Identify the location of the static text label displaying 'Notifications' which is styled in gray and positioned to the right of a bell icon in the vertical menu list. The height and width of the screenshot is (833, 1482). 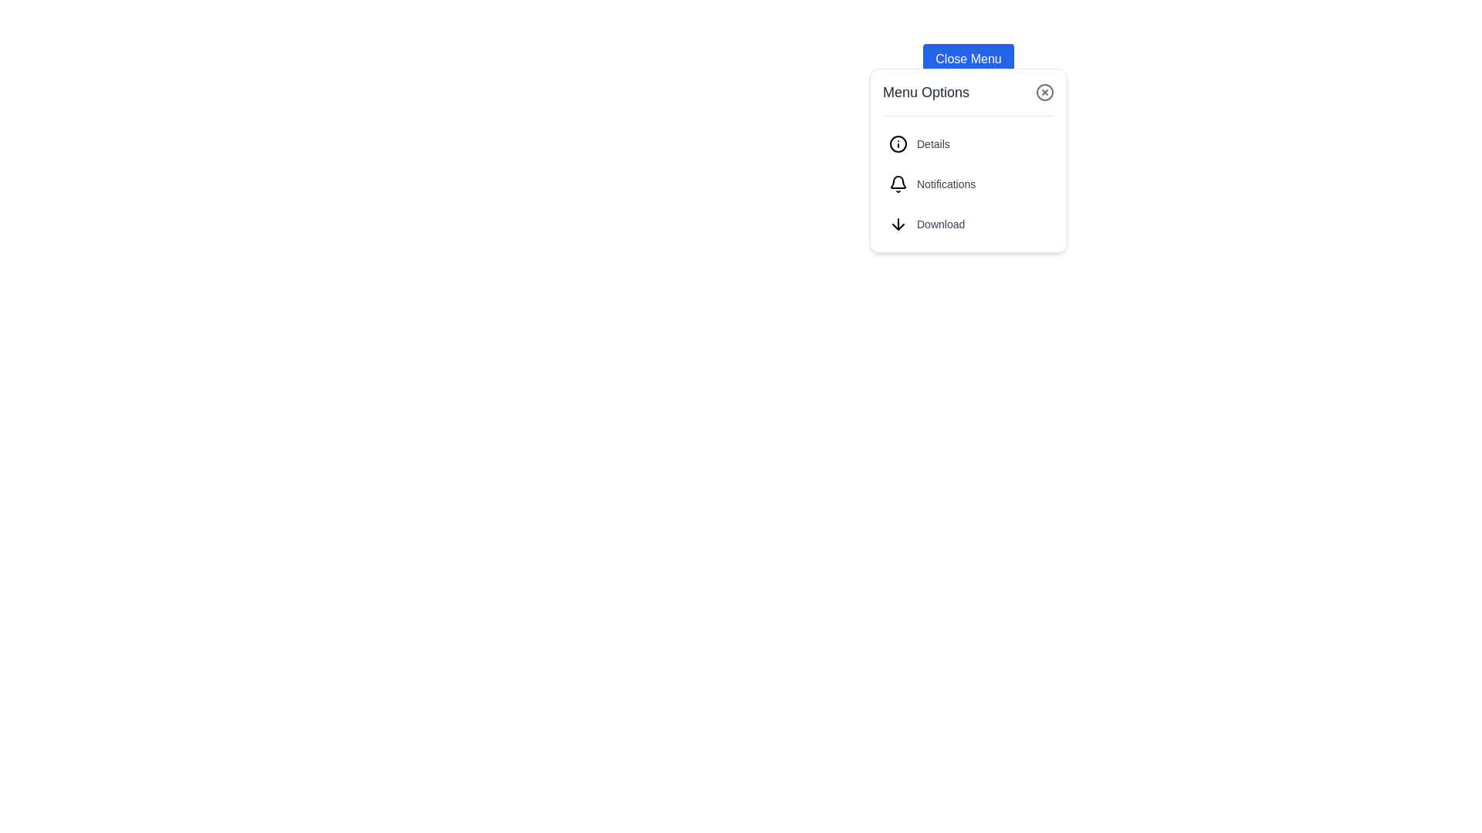
(946, 184).